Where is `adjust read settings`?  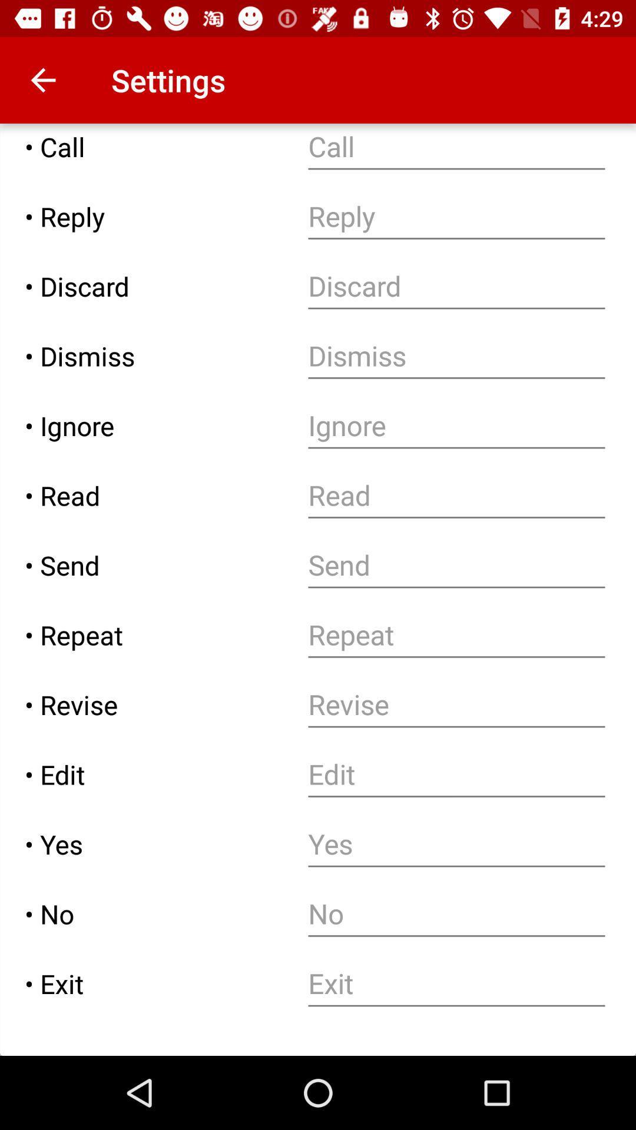 adjust read settings is located at coordinates (456, 496).